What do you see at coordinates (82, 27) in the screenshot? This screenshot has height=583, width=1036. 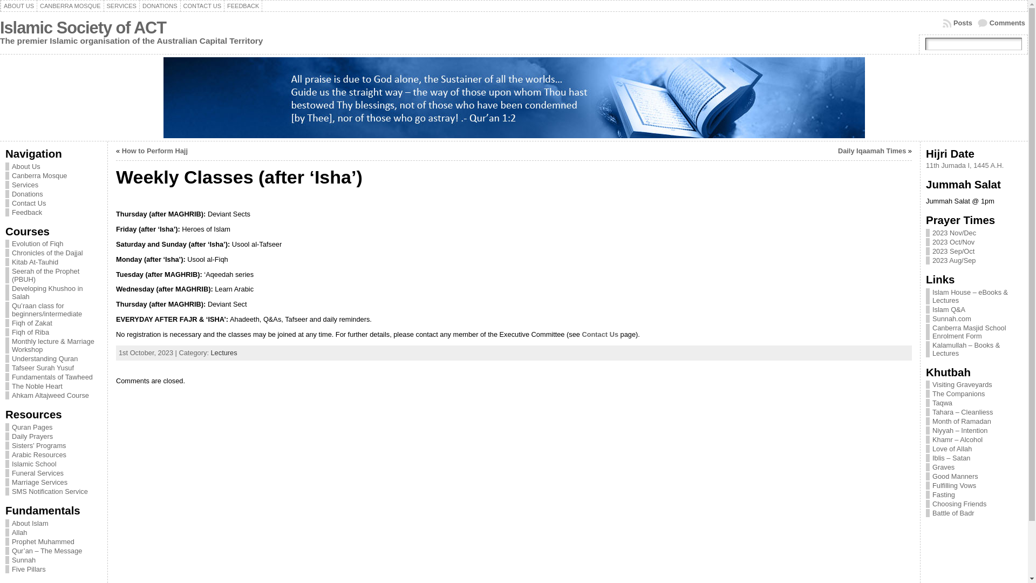 I see `'Islamic Society of ACT'` at bounding box center [82, 27].